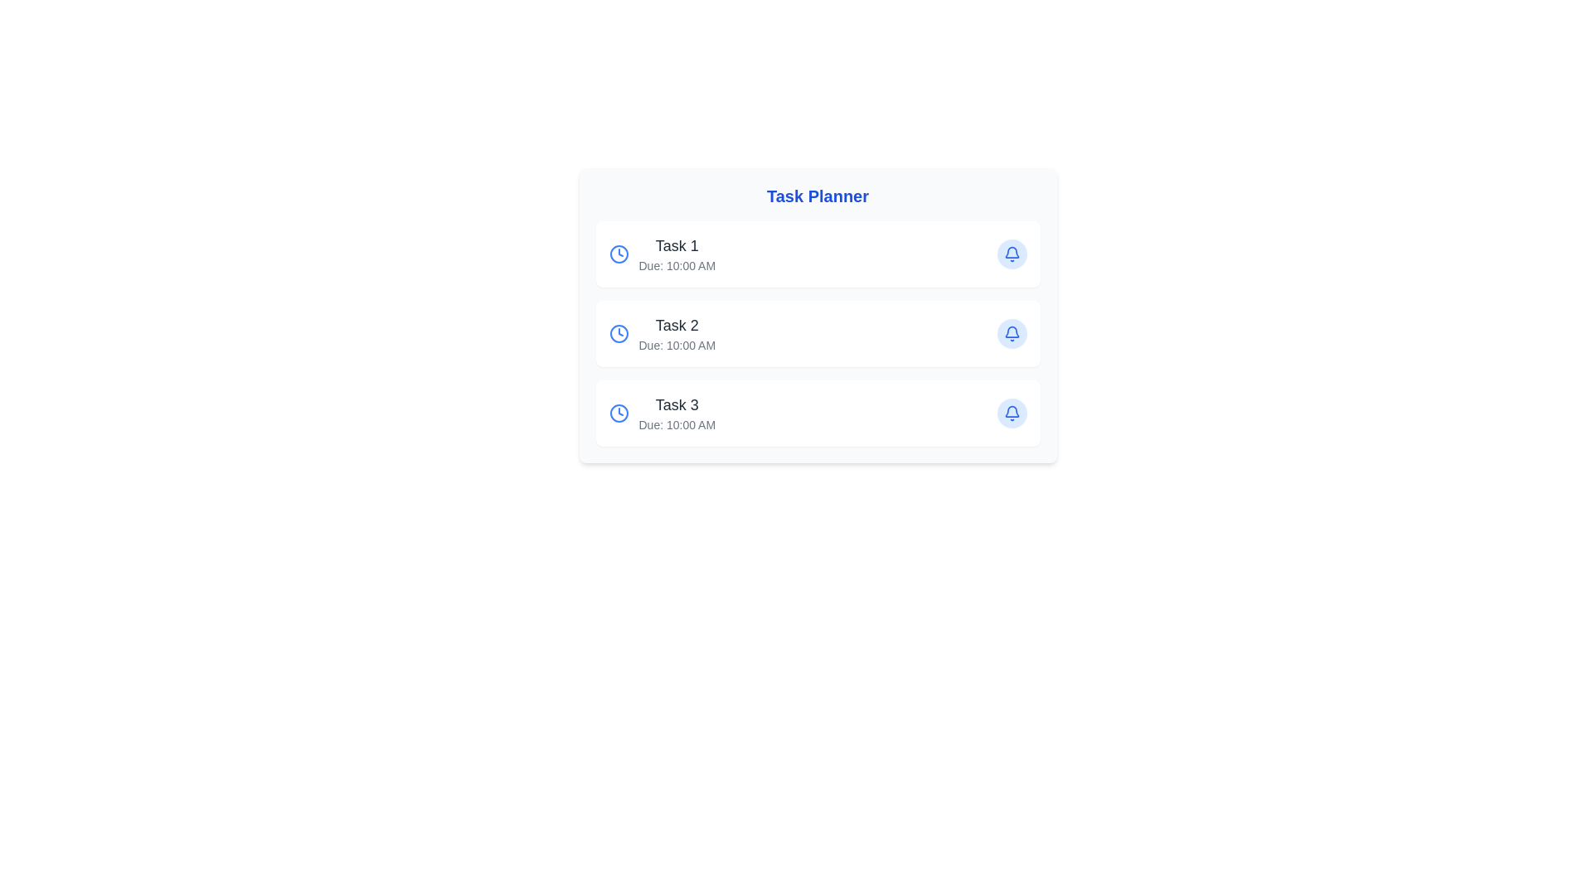  I want to click on the inner circle of the clock icon, which is a circular outline drawn with a thin line and a blue color fill, located to the left of the 'Task 1' entry in the task list, so click(618, 333).